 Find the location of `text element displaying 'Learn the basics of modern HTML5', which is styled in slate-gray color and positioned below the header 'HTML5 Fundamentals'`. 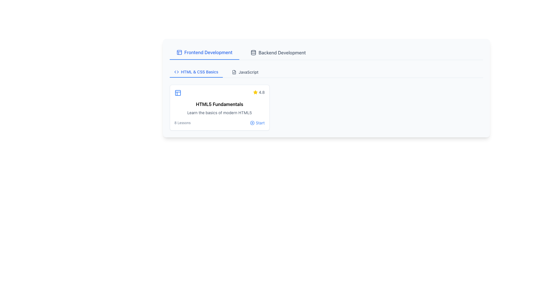

text element displaying 'Learn the basics of modern HTML5', which is styled in slate-gray color and positioned below the header 'HTML5 Fundamentals' is located at coordinates (219, 112).